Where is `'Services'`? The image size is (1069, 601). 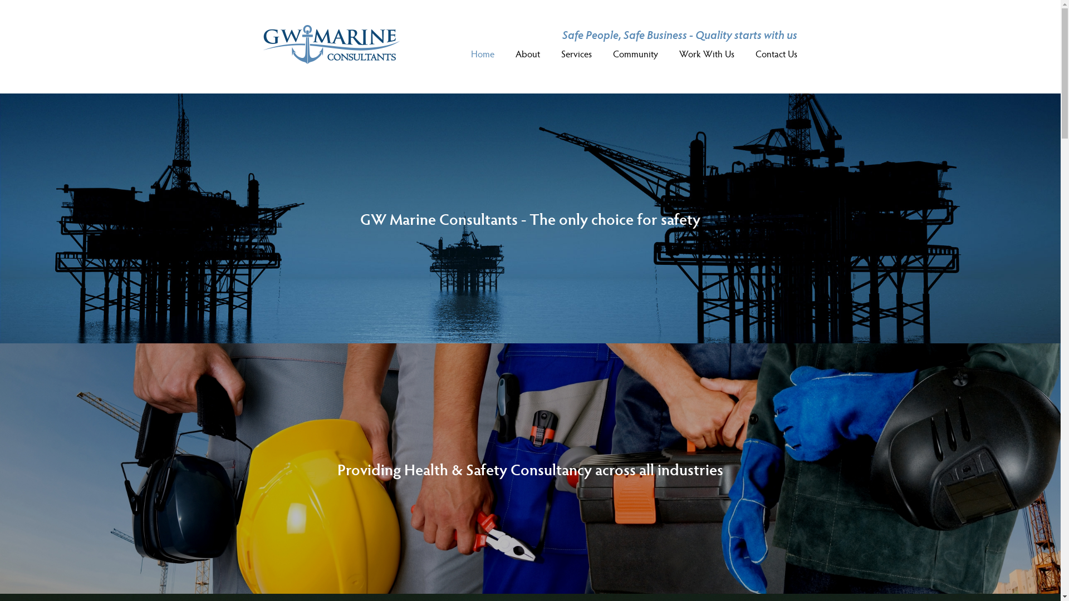 'Services' is located at coordinates (556, 53).